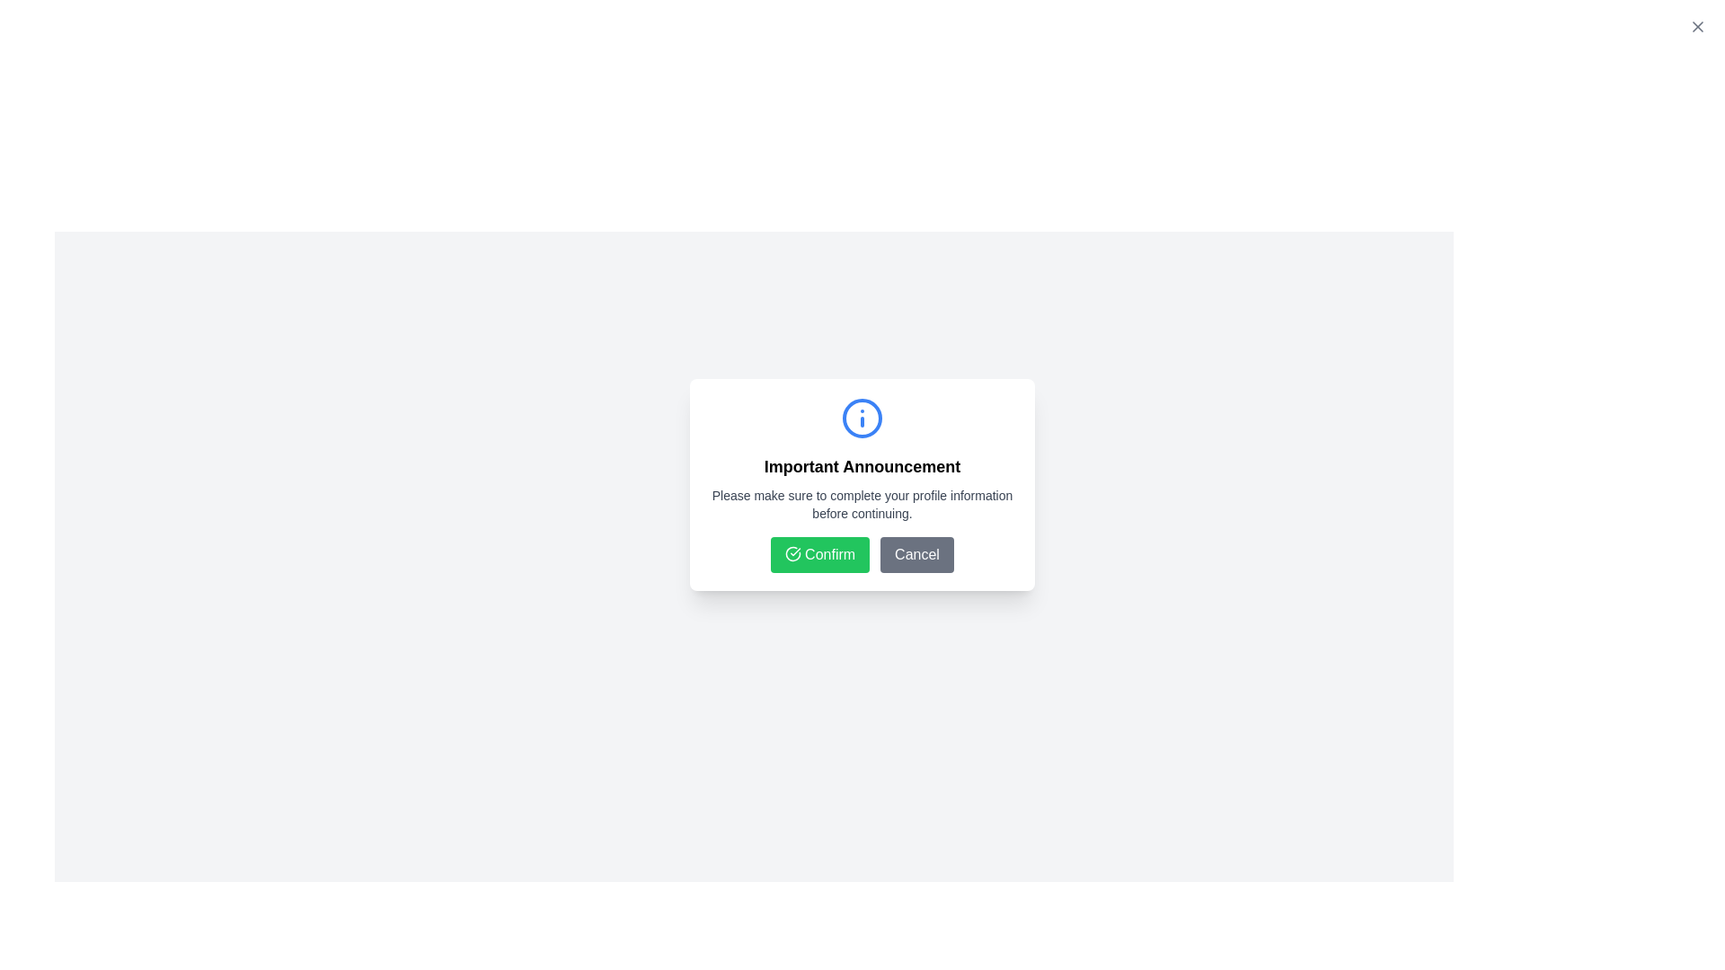 This screenshot has height=970, width=1725. I want to click on the bold text label 'Important Announcement' that is prominently displayed in the modal dialog box, so click(862, 466).